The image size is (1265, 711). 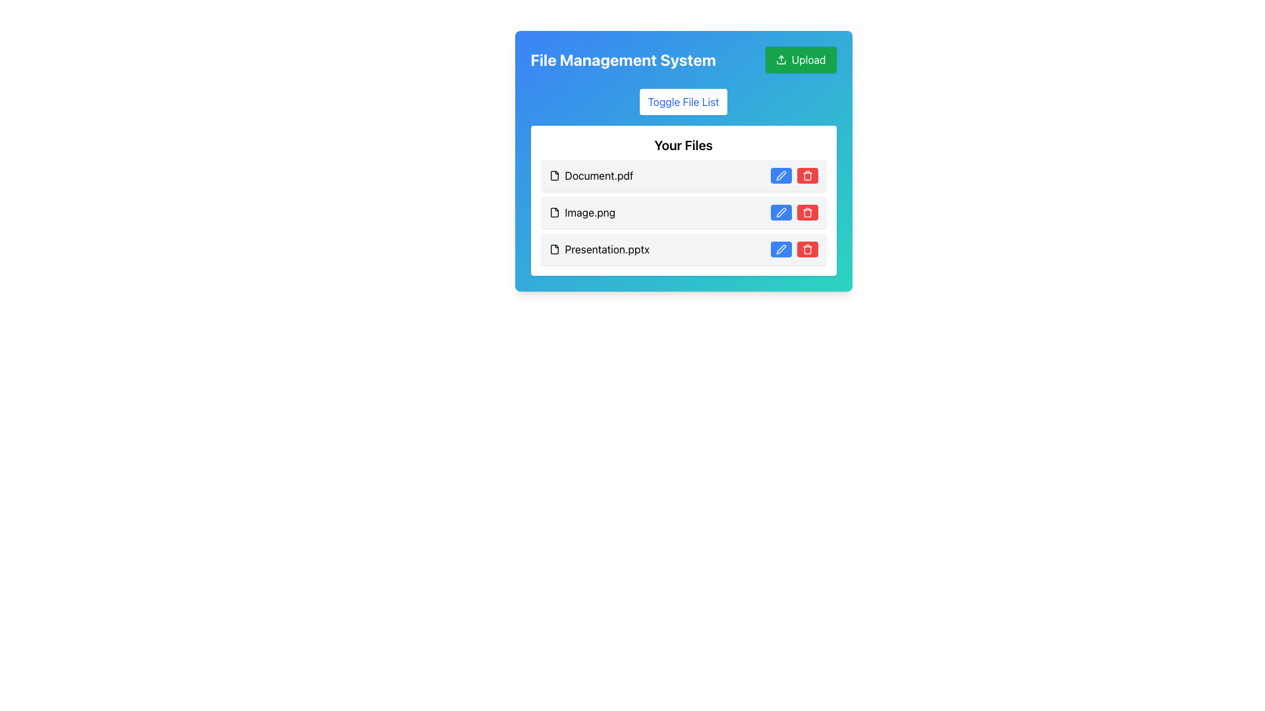 What do you see at coordinates (781, 212) in the screenshot?
I see `the edit button for the 'Image.png' file in the 'Your Files' list to gain focus` at bounding box center [781, 212].